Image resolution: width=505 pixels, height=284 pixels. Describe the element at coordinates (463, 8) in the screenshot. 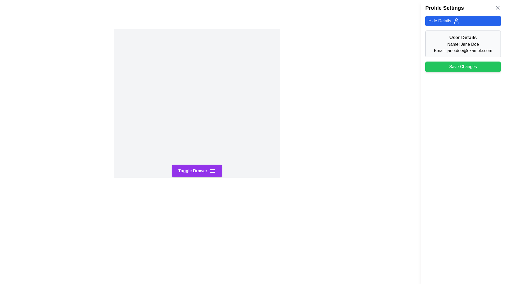

I see `the Text label at the top of the sidebar panel that displays the title related to profile settings` at that location.